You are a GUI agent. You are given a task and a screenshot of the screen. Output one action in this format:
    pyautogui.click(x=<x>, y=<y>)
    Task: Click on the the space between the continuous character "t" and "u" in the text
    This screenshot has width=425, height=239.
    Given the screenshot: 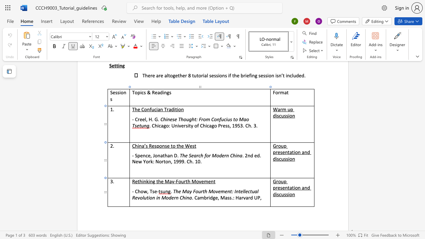 What is the action you would take?
    pyautogui.click(x=252, y=191)
    